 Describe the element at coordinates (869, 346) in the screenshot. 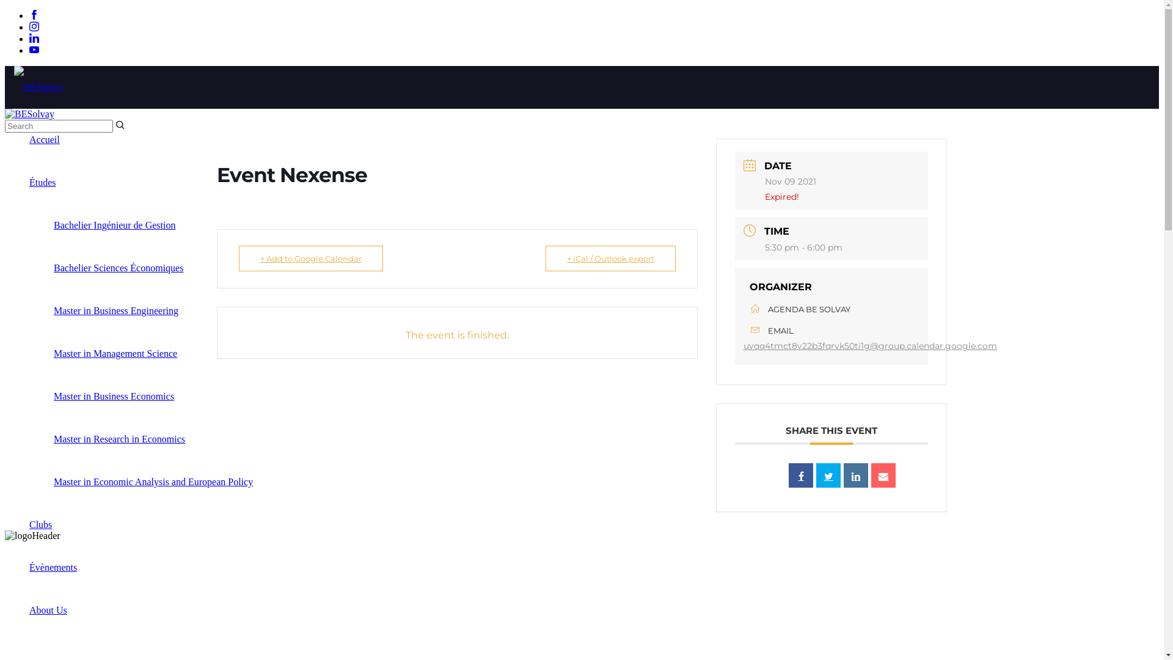

I see `'uvqq4tmct8v22b3fqrvk50ti1g@group.calendar.google.com'` at that location.